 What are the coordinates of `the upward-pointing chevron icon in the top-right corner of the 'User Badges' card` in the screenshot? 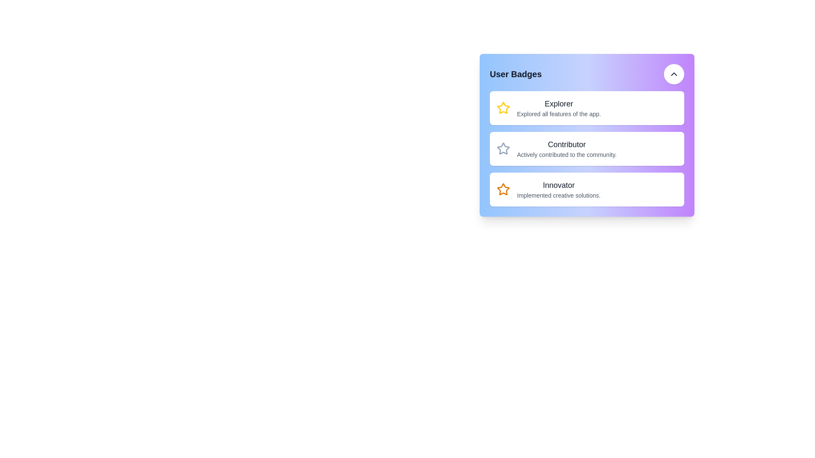 It's located at (674, 73).